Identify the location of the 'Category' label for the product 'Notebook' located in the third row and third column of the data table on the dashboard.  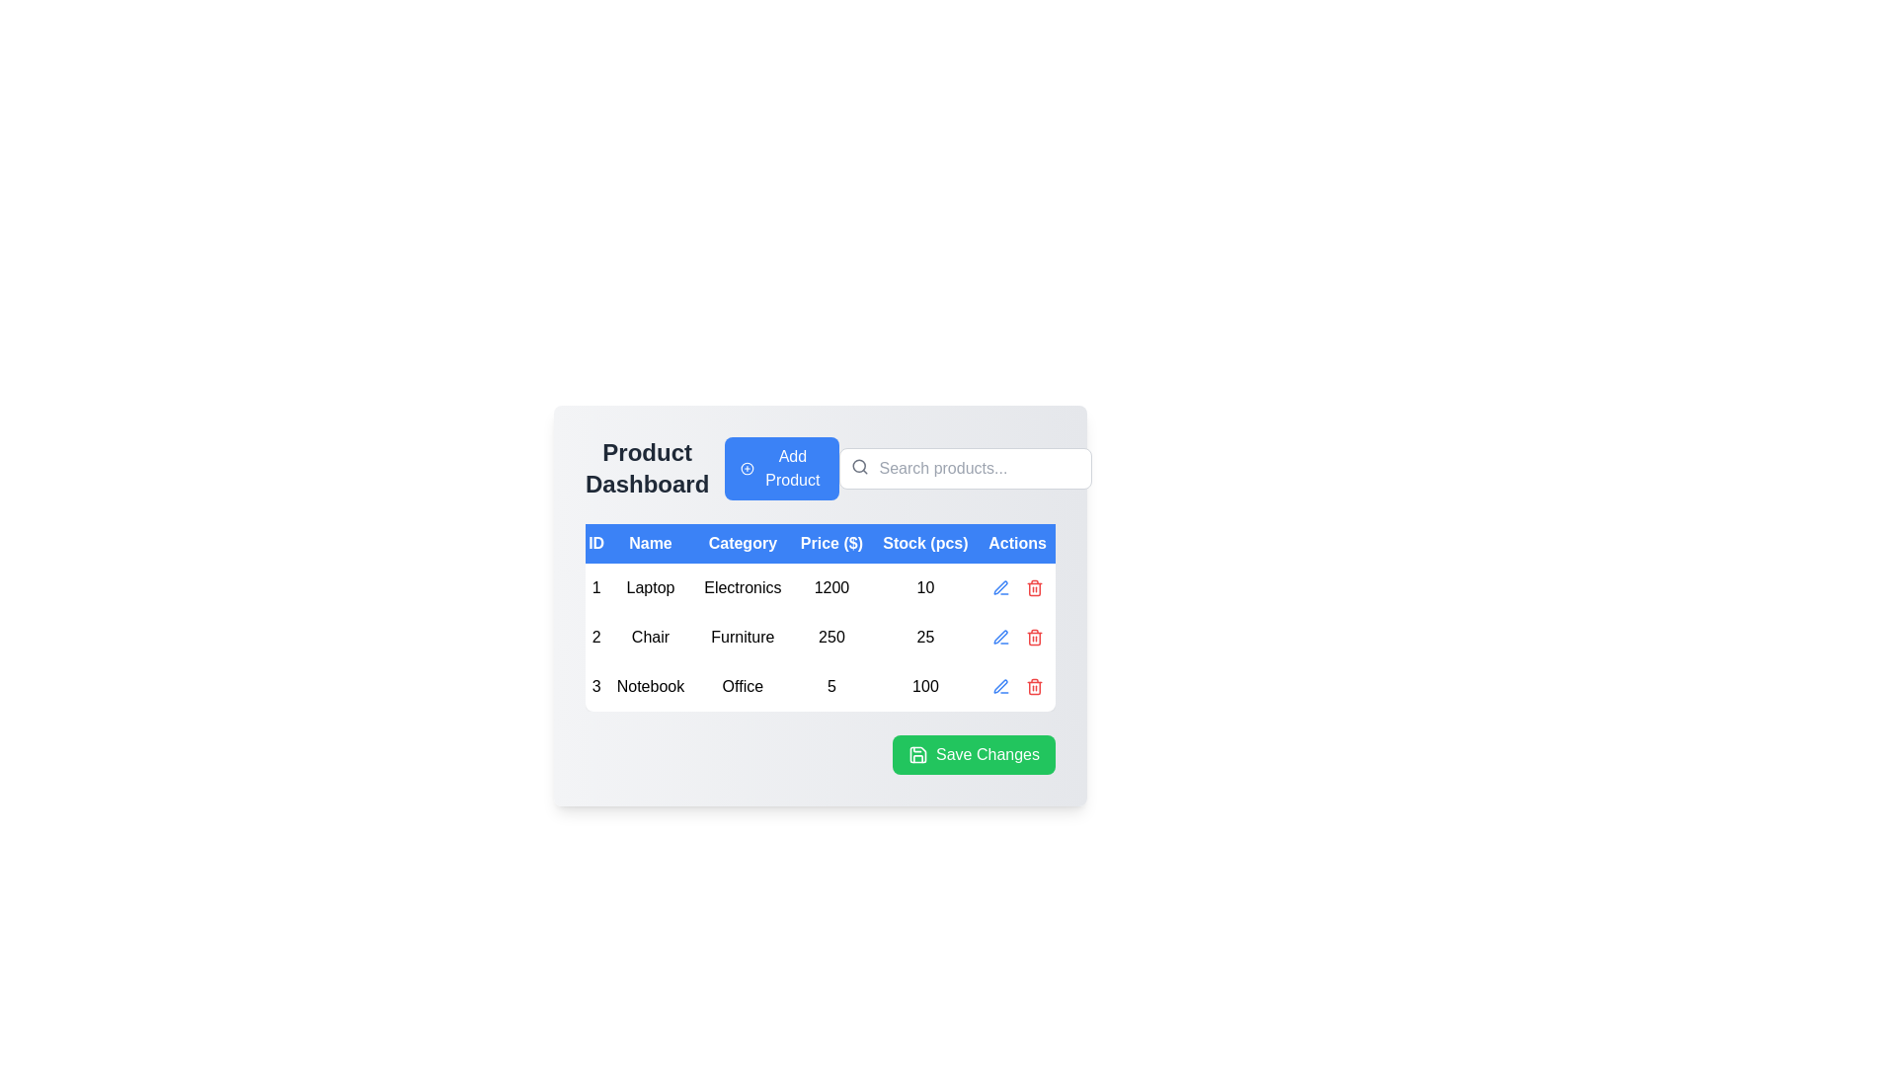
(742, 685).